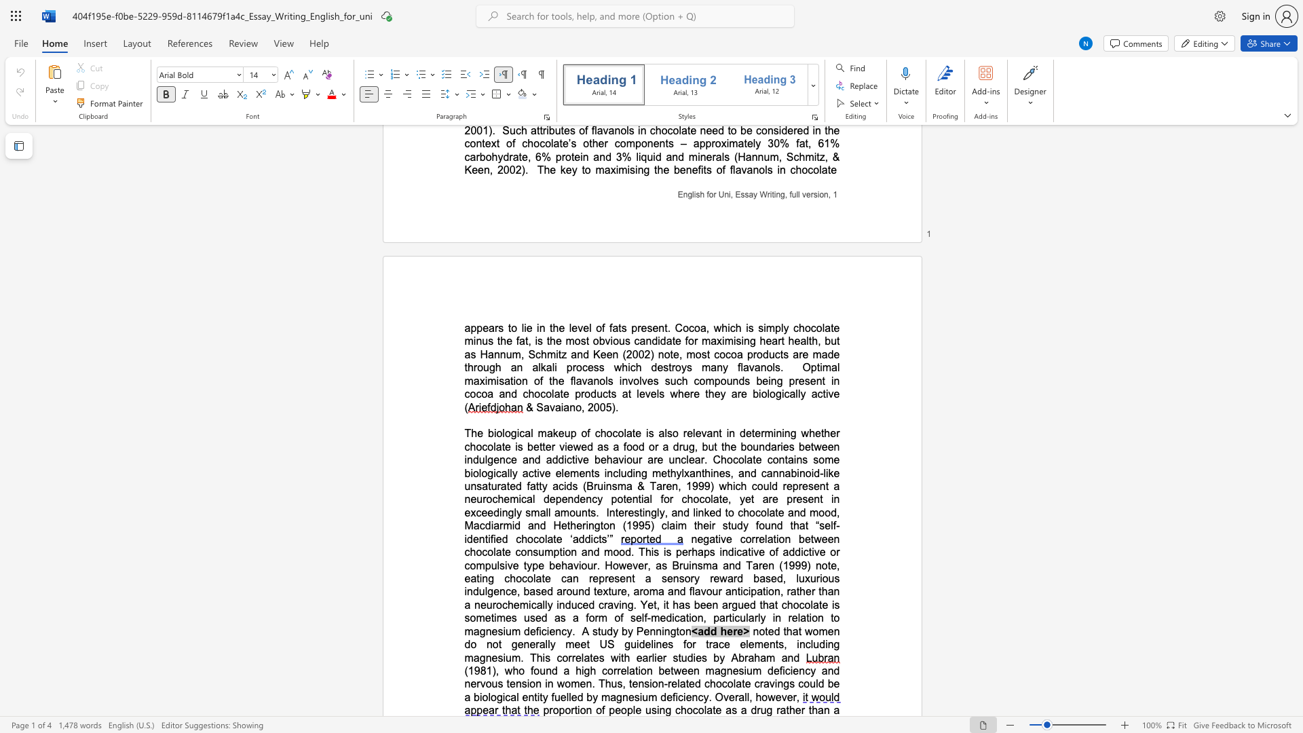 The height and width of the screenshot is (733, 1303). I want to click on the subset text "ind" within the text "a sensory reward based, luxurious indulgence, based around texture,", so click(464, 590).